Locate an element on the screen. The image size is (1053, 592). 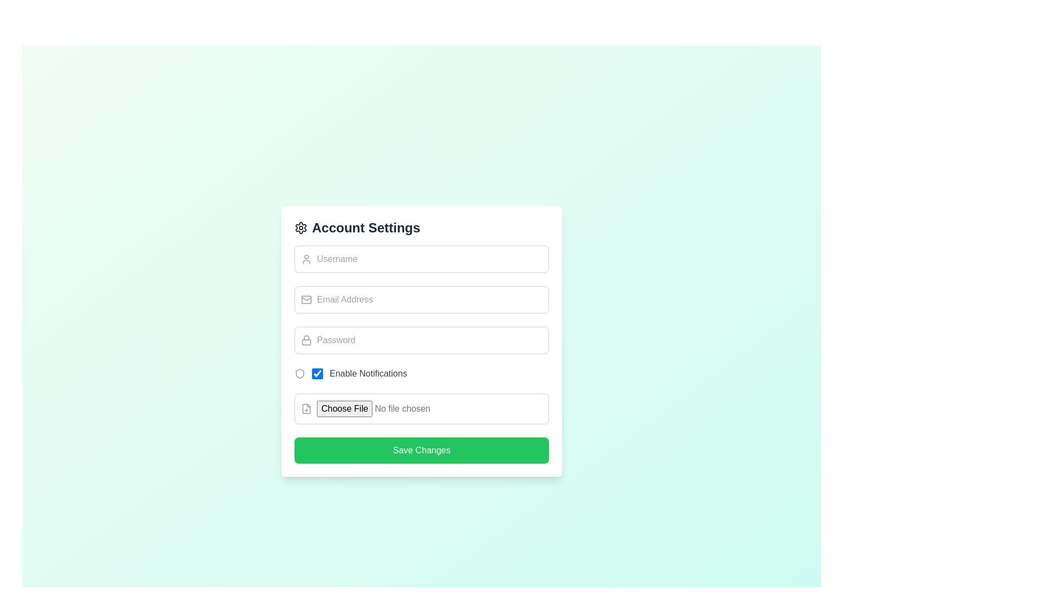
the shield-shaped vector graphic icon with a thin border, located near the top-left corner of the settings panel, adjacent to the 'Account Settings' label is located at coordinates (300, 373).